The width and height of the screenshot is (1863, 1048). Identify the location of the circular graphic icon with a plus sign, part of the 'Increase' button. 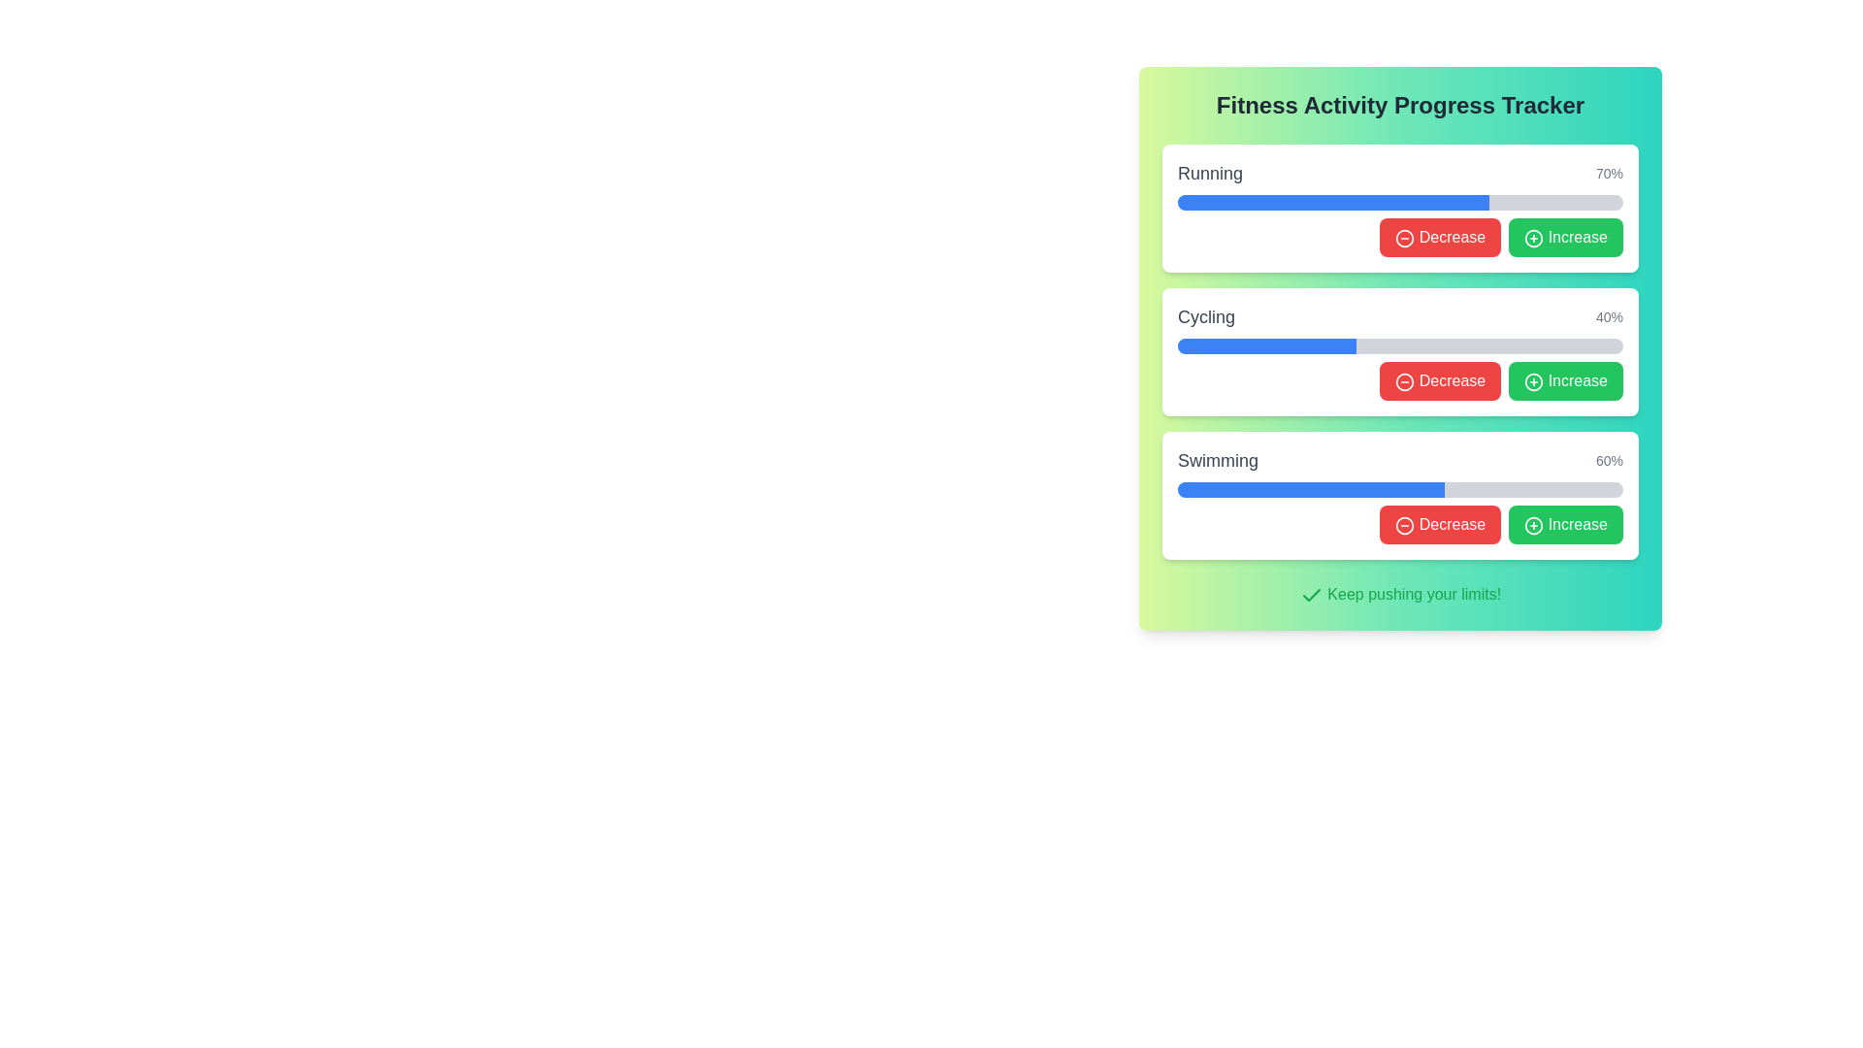
(1533, 237).